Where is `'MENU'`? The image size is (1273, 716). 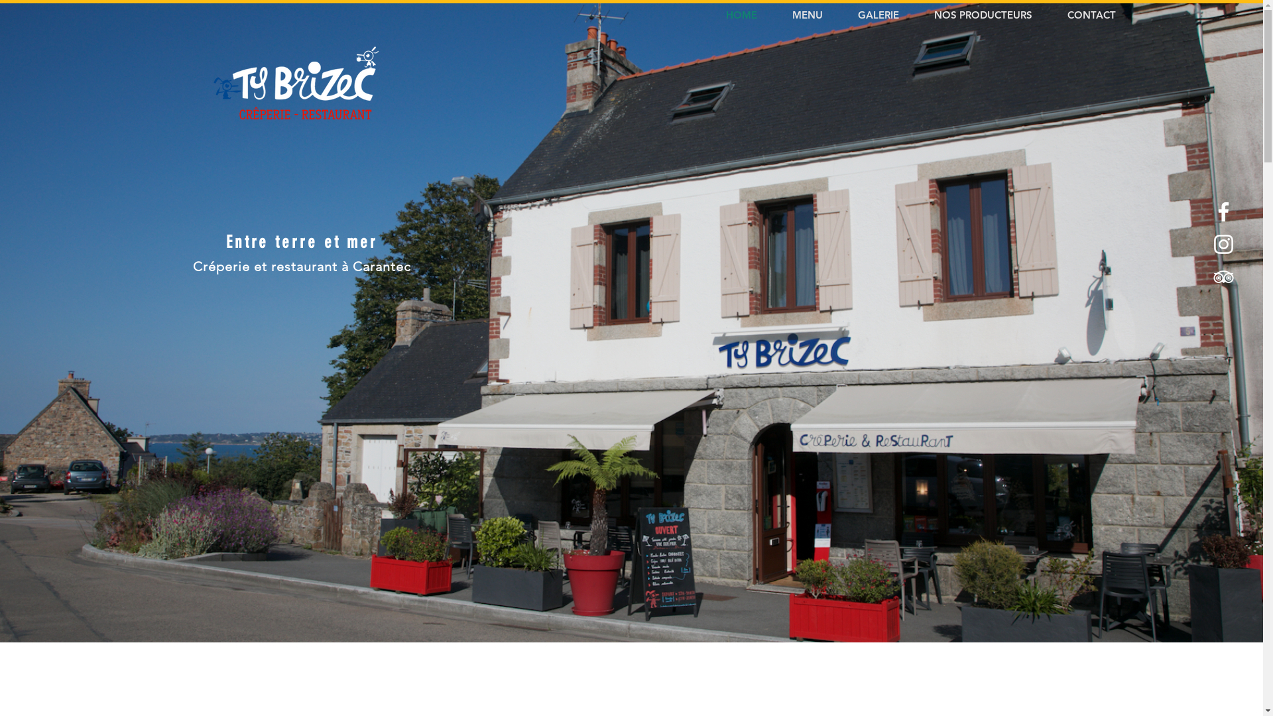 'MENU' is located at coordinates (814, 15).